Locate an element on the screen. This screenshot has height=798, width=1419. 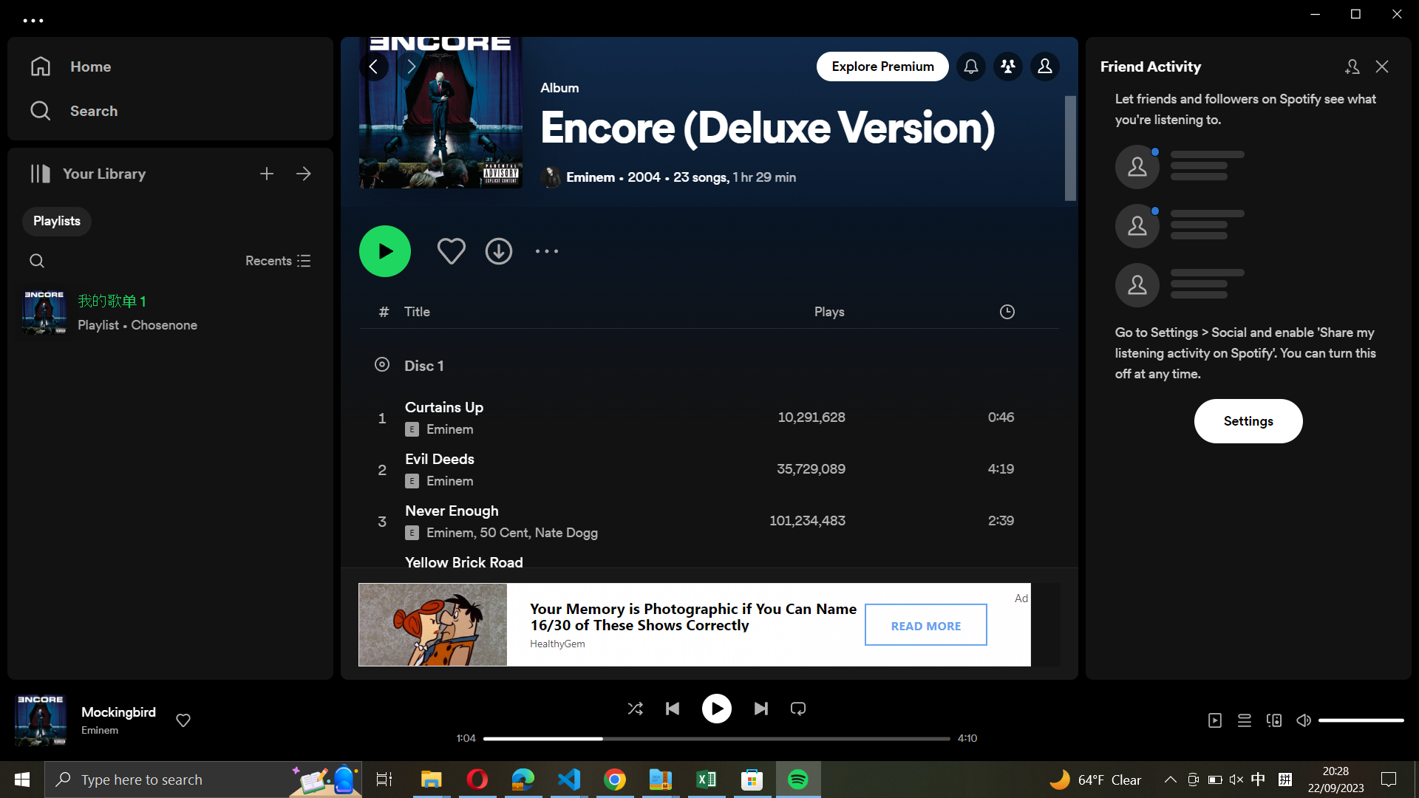
the settings panel is located at coordinates (1248, 420).